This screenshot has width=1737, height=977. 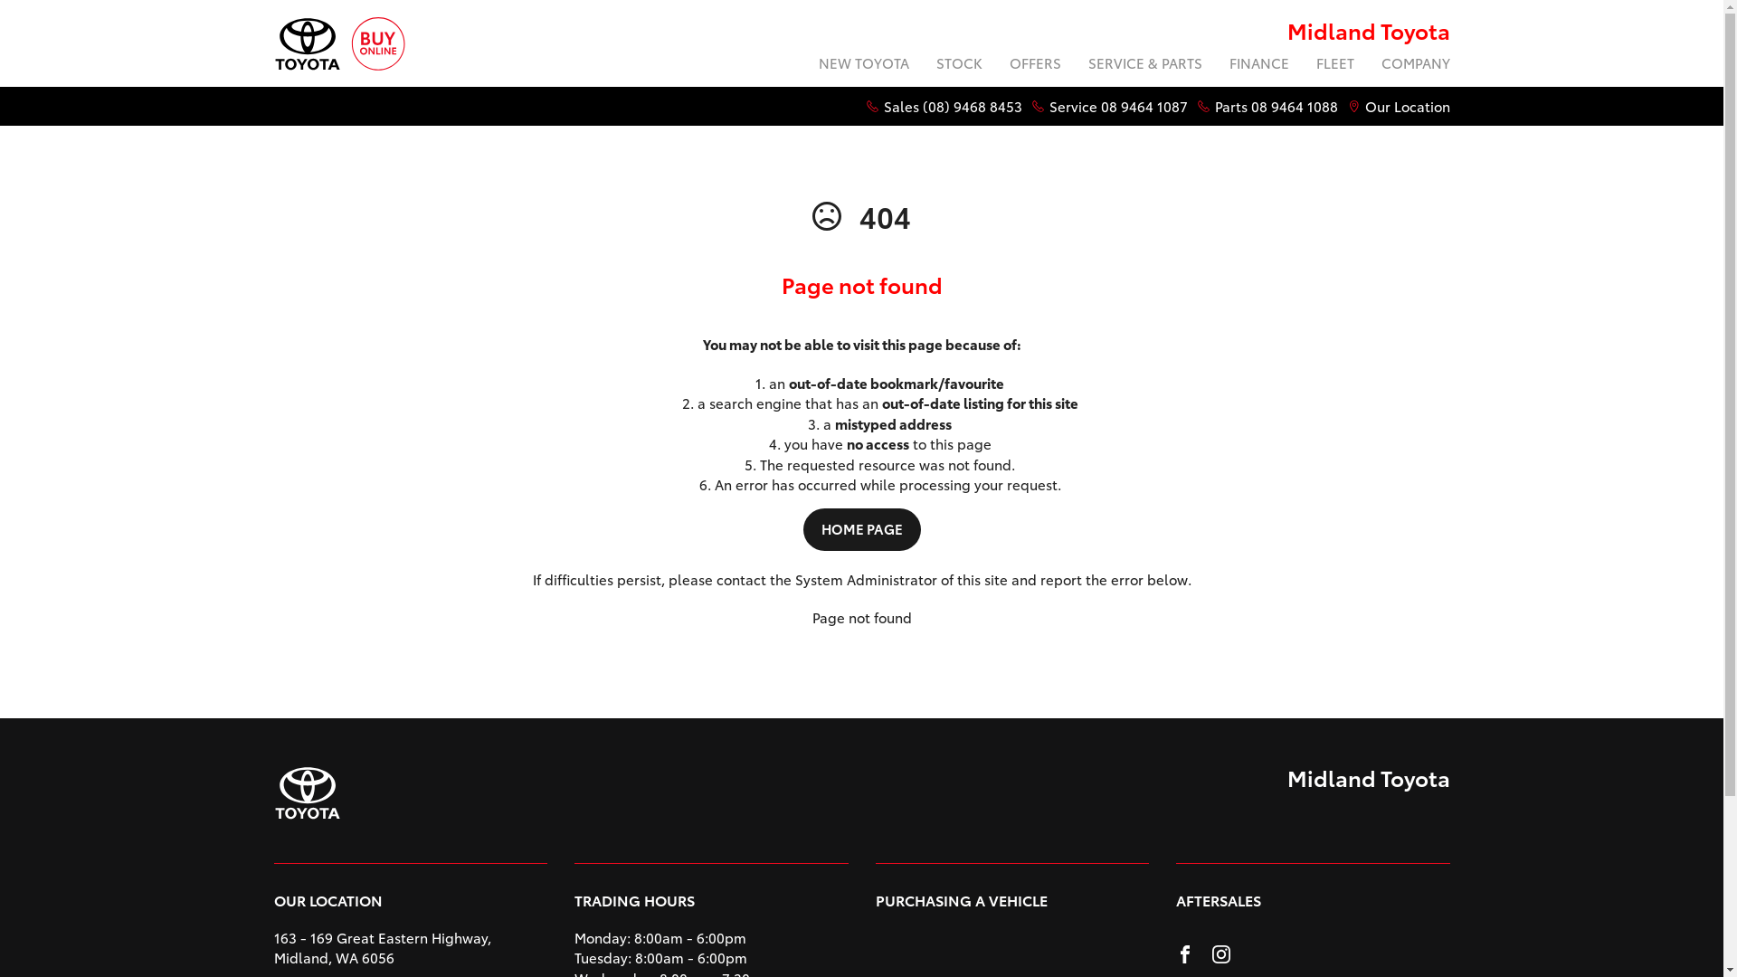 What do you see at coordinates (958, 64) in the screenshot?
I see `'STOCK'` at bounding box center [958, 64].